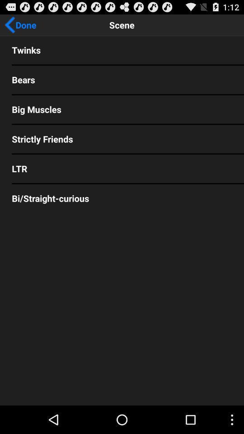 The image size is (244, 434). Describe the element at coordinates (122, 108) in the screenshot. I see `big muscles` at that location.